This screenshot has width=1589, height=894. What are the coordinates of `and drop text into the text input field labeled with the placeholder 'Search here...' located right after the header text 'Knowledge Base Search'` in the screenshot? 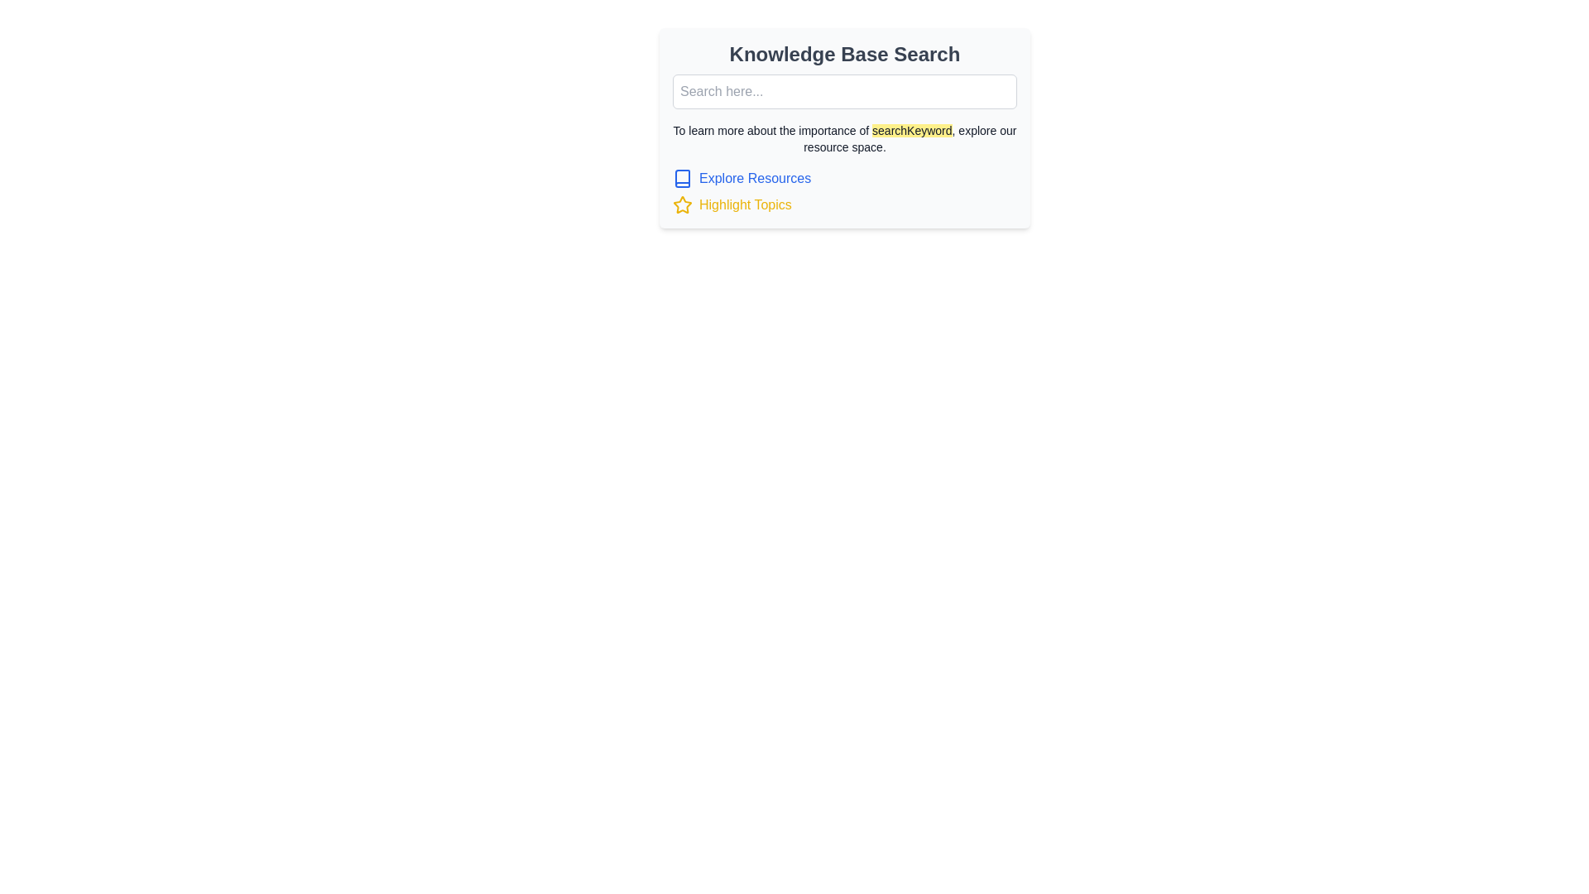 It's located at (845, 92).